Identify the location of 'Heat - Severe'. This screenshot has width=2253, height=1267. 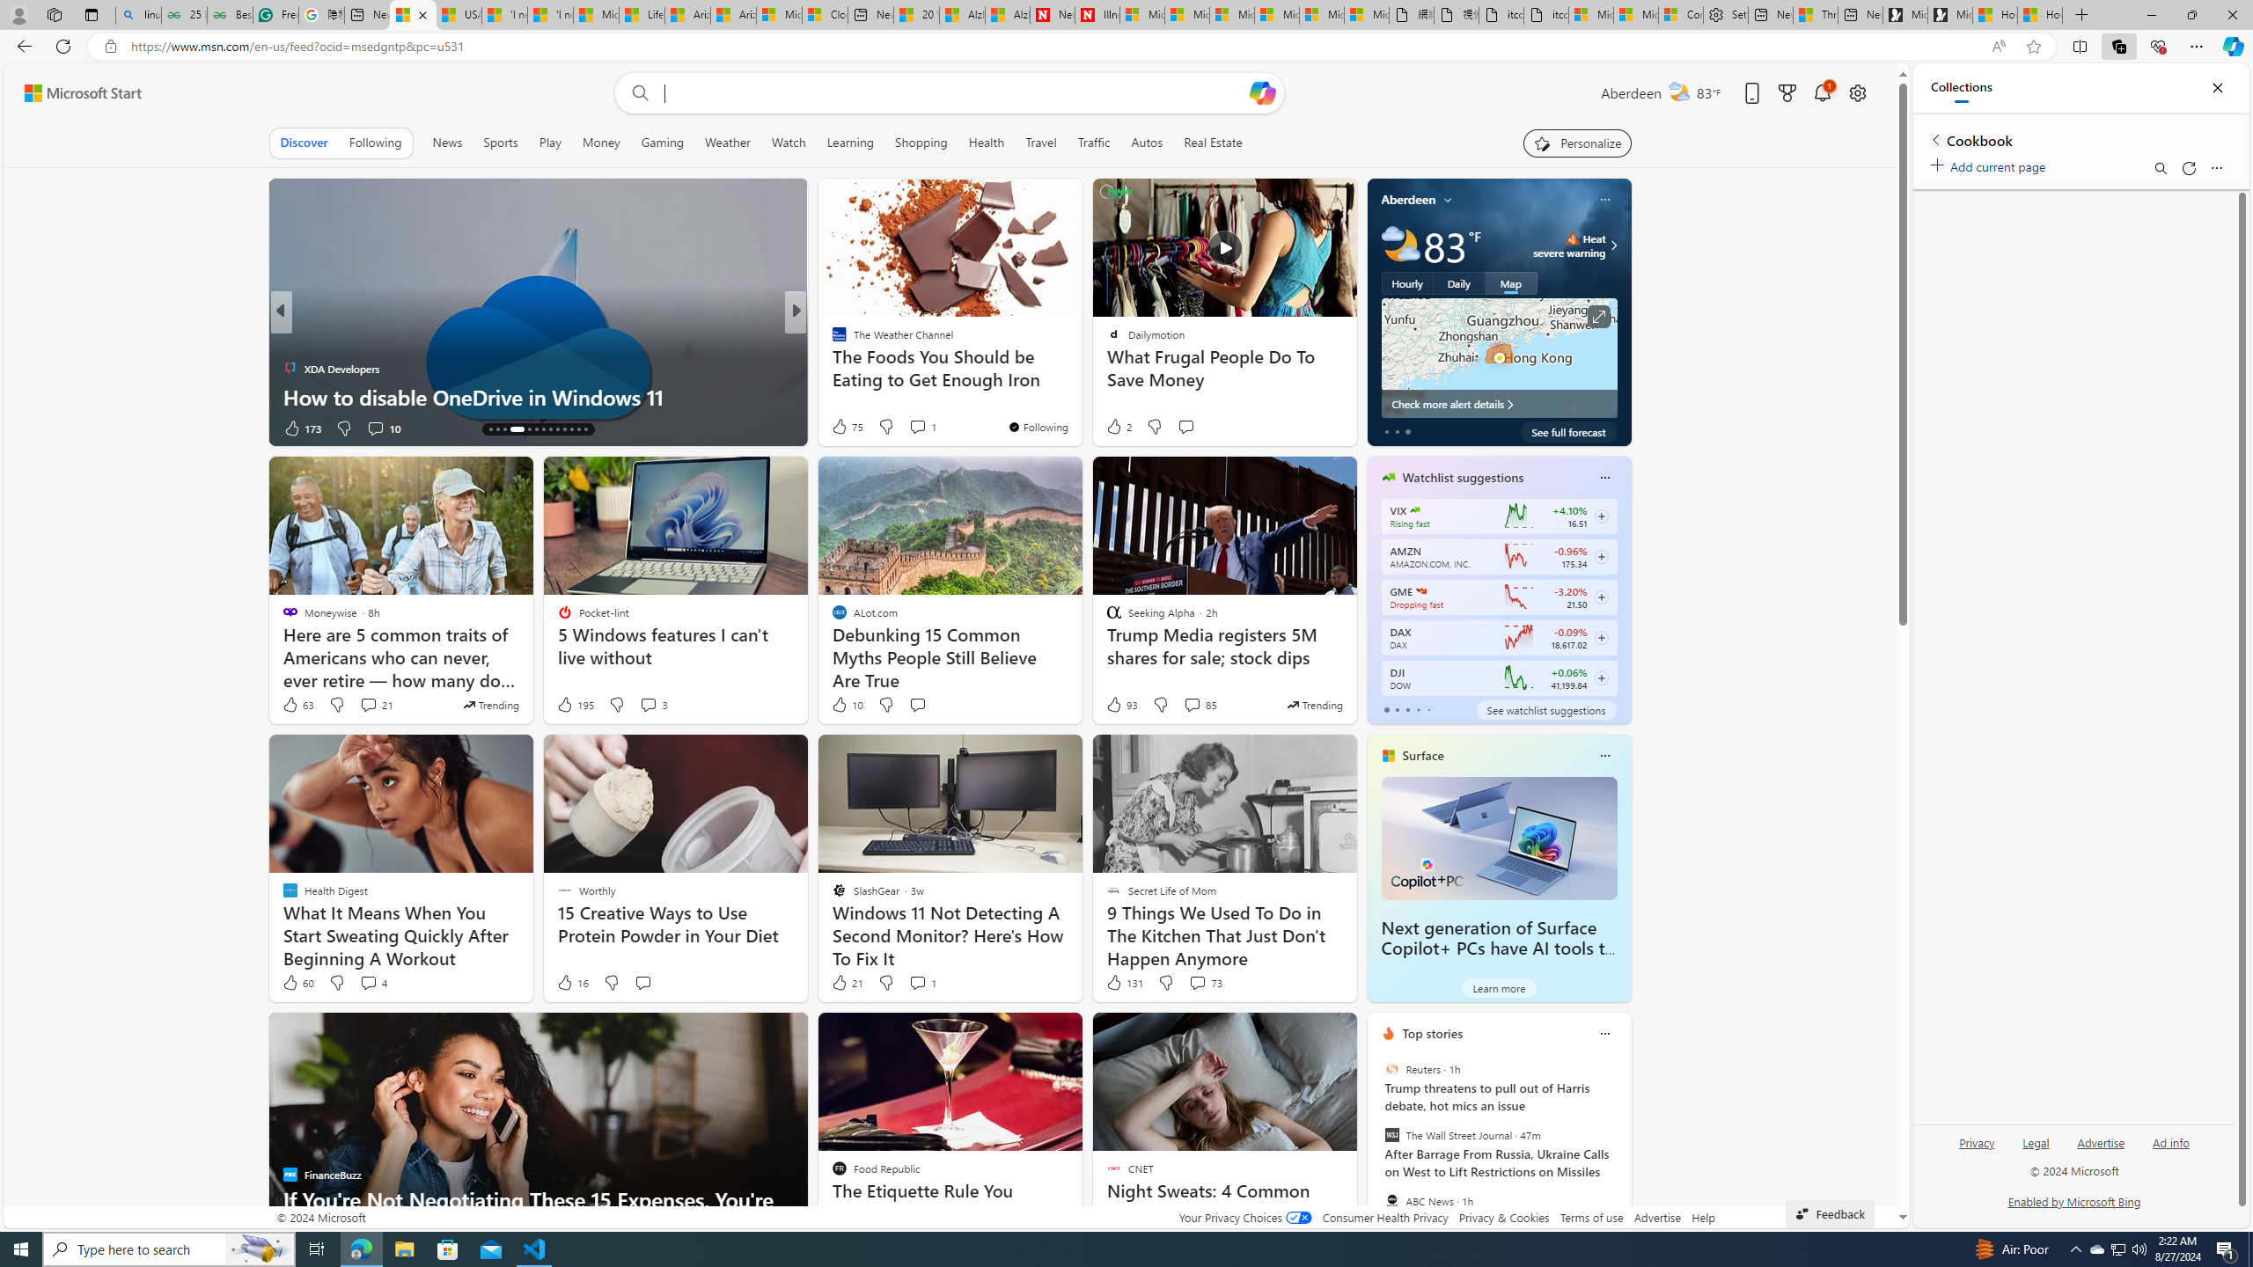
(1571, 238).